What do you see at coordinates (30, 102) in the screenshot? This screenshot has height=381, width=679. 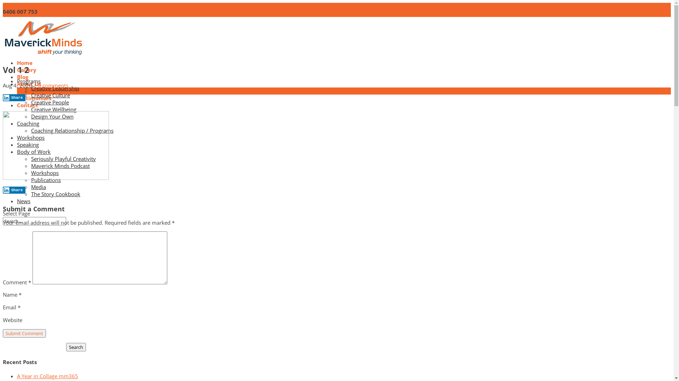 I see `'Creative People'` at bounding box center [30, 102].